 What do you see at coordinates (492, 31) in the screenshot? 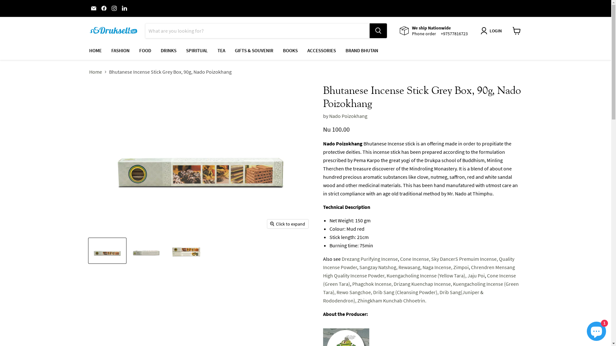
I see `'LOGIN'` at bounding box center [492, 31].